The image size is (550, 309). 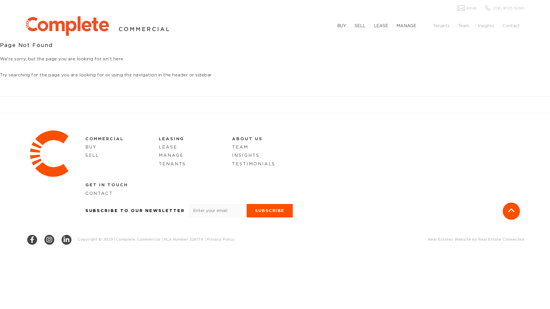 What do you see at coordinates (158, 164) in the screenshot?
I see `'TENANTS'` at bounding box center [158, 164].